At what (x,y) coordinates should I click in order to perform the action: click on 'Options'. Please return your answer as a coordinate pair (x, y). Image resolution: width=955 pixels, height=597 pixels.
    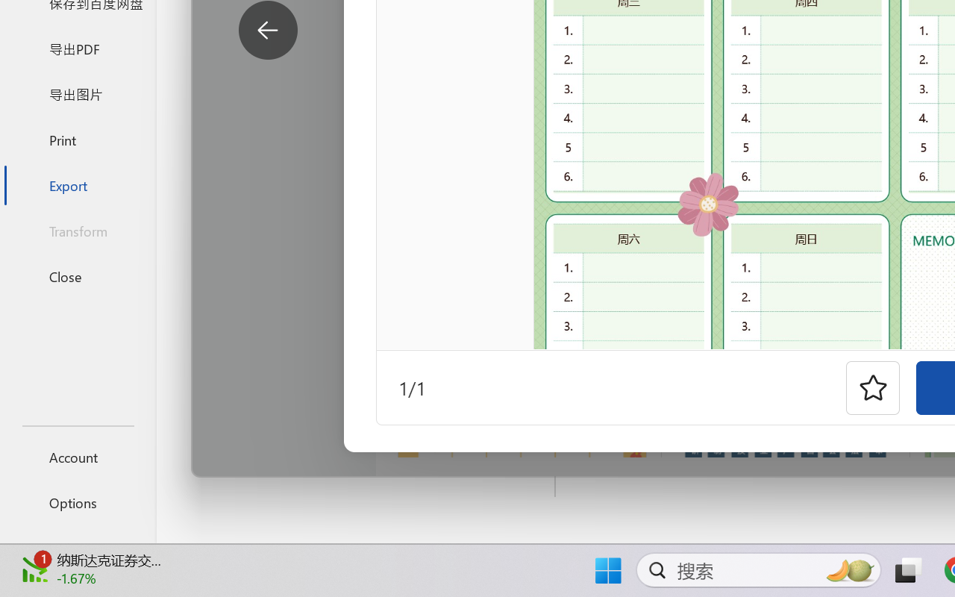
    Looking at the image, I should click on (77, 502).